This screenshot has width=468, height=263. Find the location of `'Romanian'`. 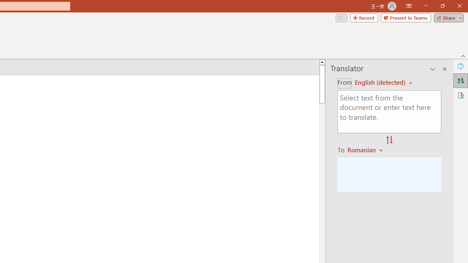

'Romanian' is located at coordinates (366, 149).